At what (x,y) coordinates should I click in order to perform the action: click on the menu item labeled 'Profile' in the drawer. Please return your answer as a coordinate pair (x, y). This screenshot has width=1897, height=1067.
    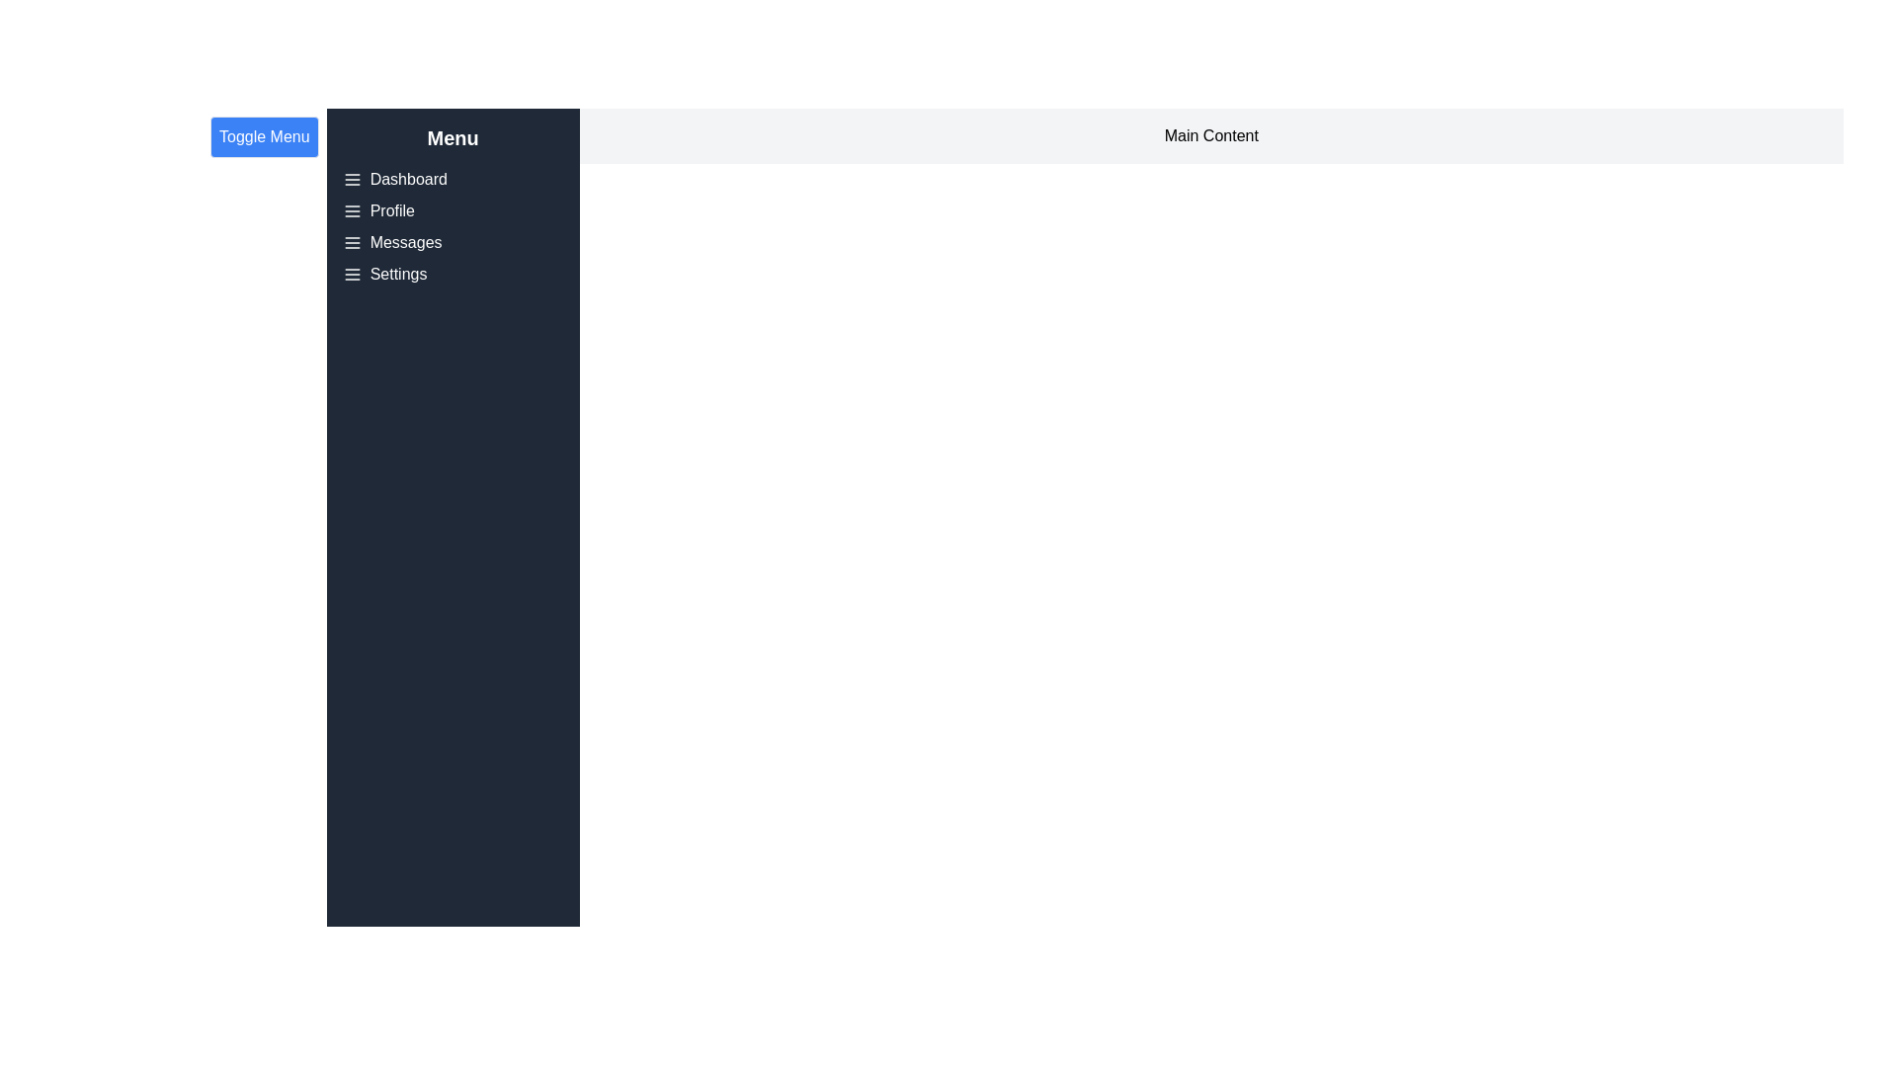
    Looking at the image, I should click on (392, 210).